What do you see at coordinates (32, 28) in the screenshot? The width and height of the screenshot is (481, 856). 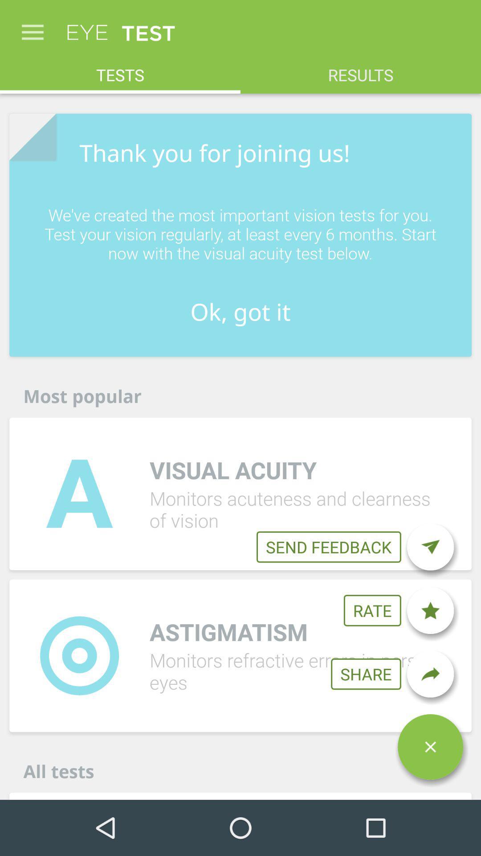 I see `item above the tests` at bounding box center [32, 28].